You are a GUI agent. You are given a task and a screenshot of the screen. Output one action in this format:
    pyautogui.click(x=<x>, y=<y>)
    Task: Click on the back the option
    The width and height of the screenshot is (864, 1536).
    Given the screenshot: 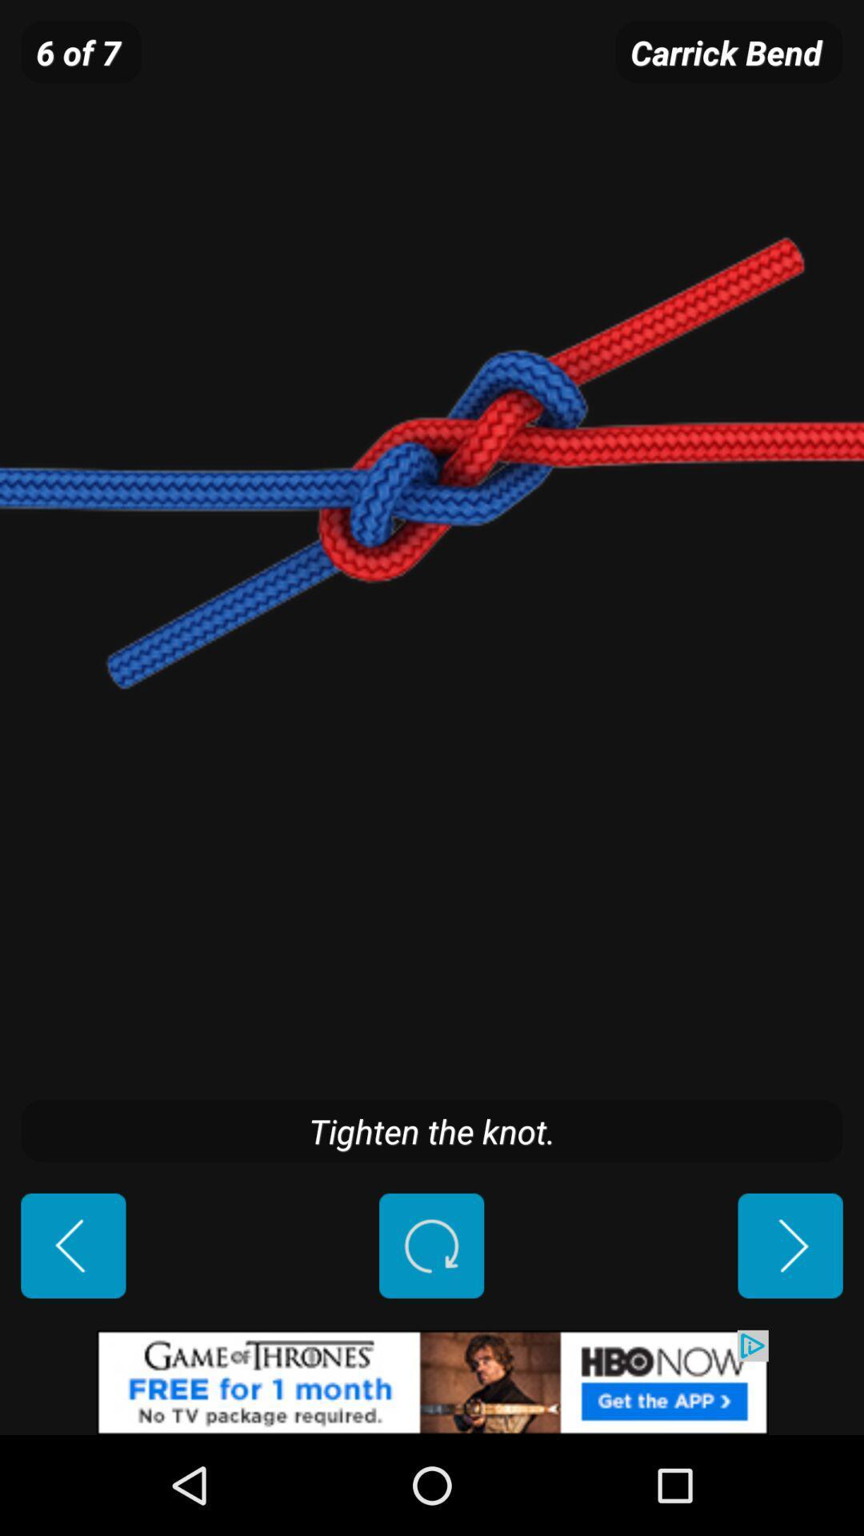 What is the action you would take?
    pyautogui.click(x=73, y=1245)
    